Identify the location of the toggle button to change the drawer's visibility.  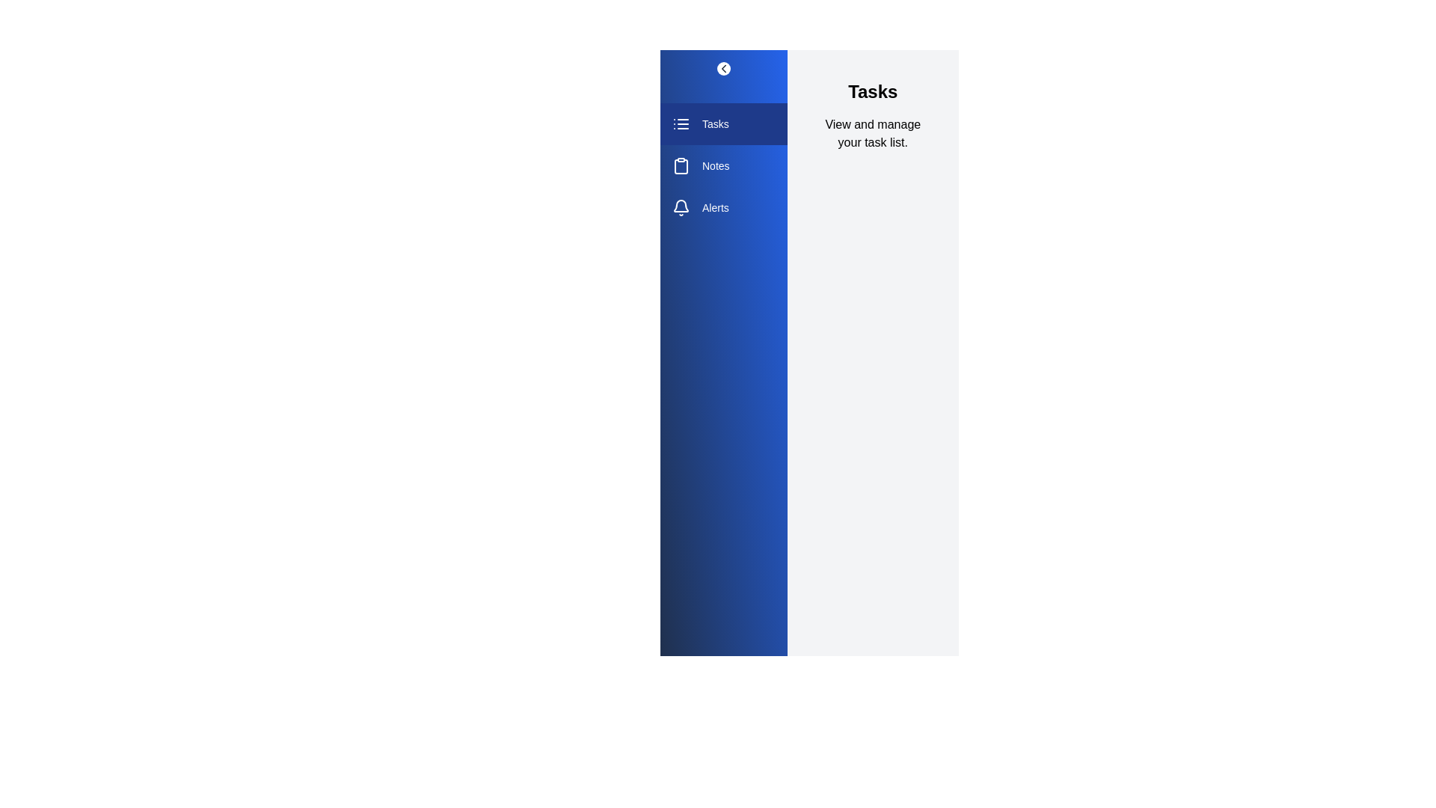
(723, 69).